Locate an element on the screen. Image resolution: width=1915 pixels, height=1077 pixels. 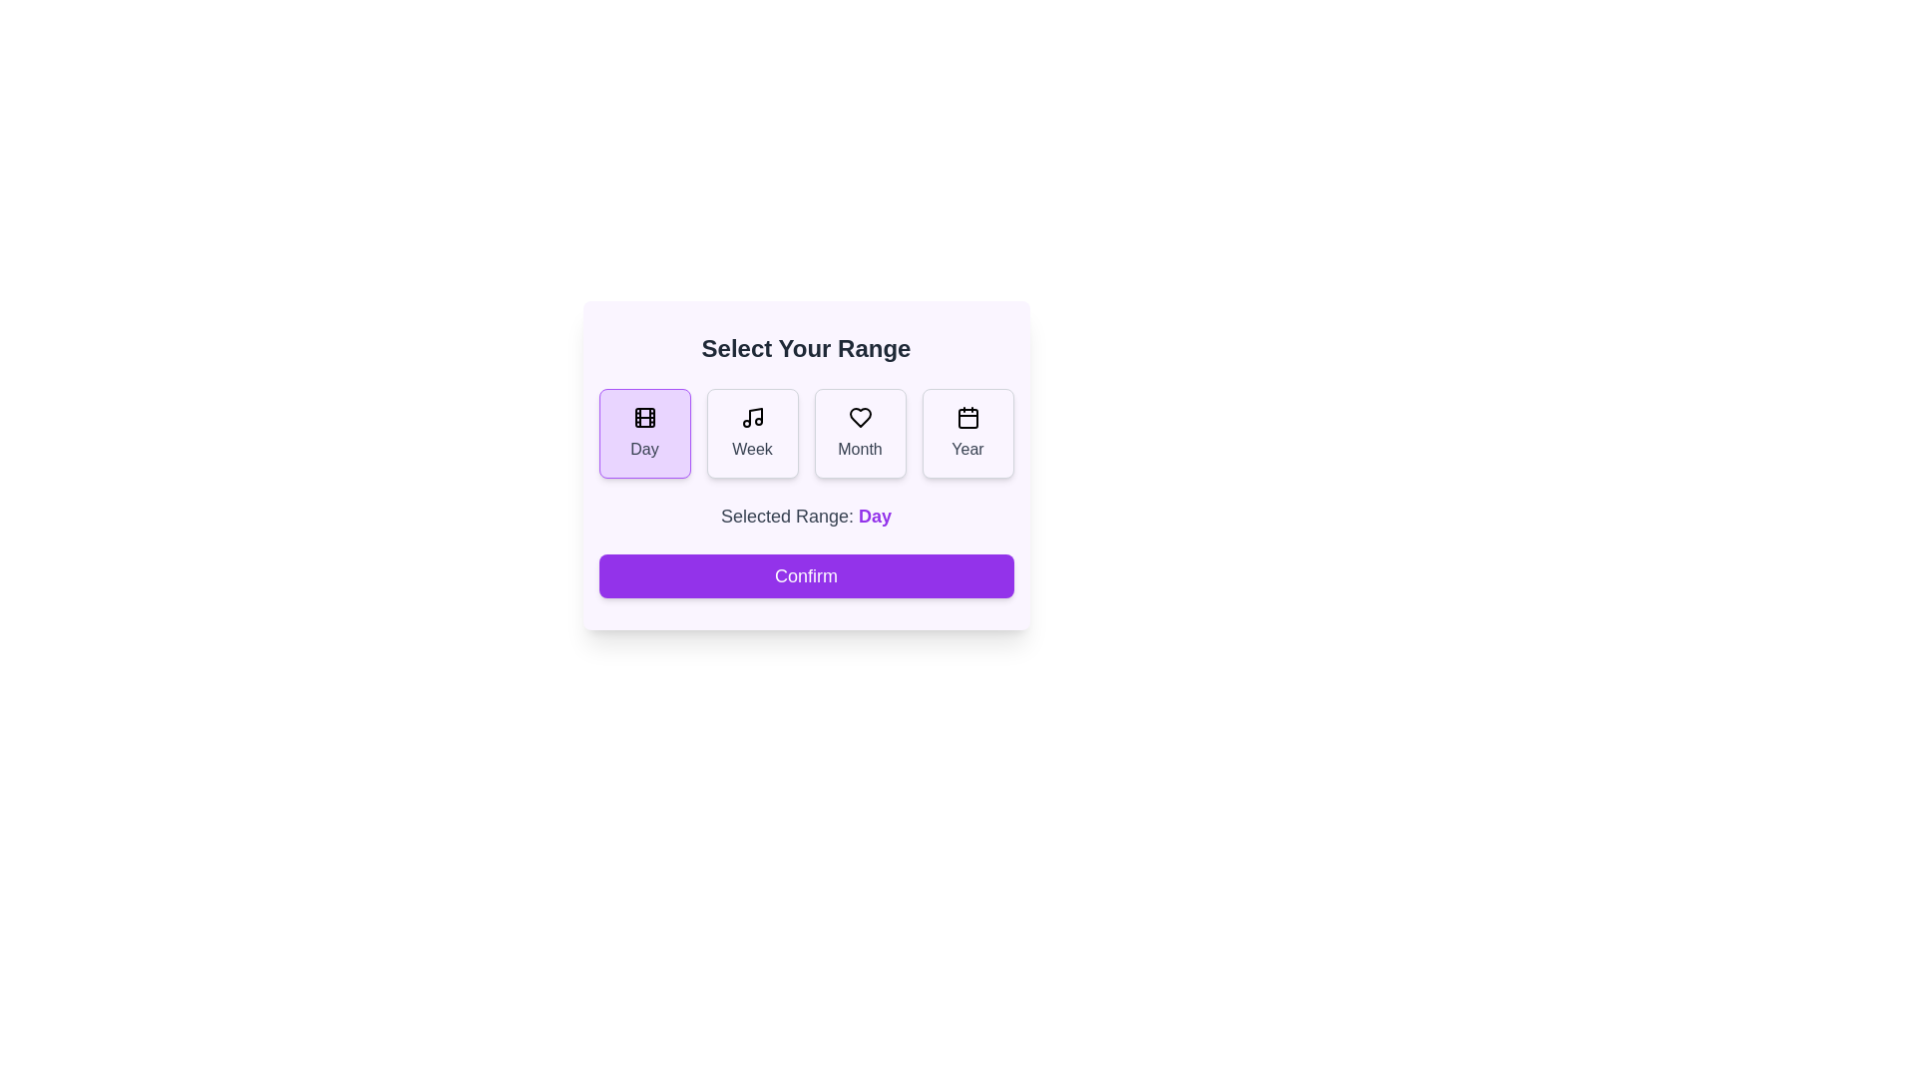
the film reel icon within the light purple 'Day' button is located at coordinates (644, 417).